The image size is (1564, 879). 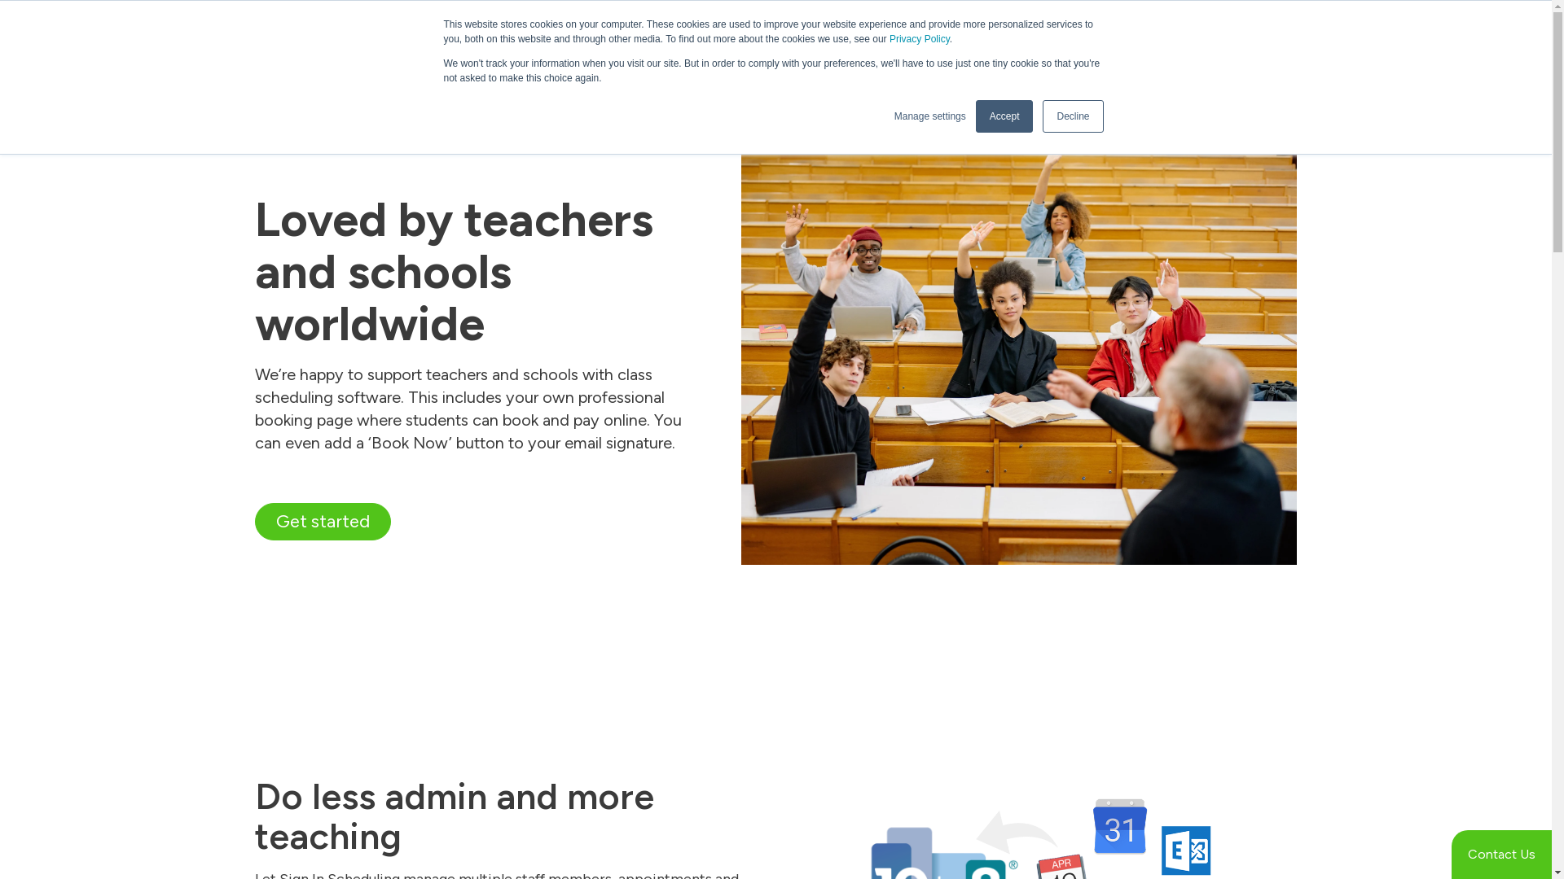 I want to click on 'Login', so click(x=1271, y=31).